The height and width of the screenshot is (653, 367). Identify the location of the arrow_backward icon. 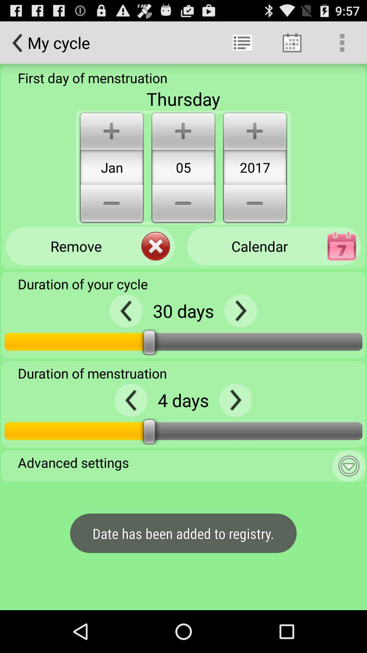
(131, 428).